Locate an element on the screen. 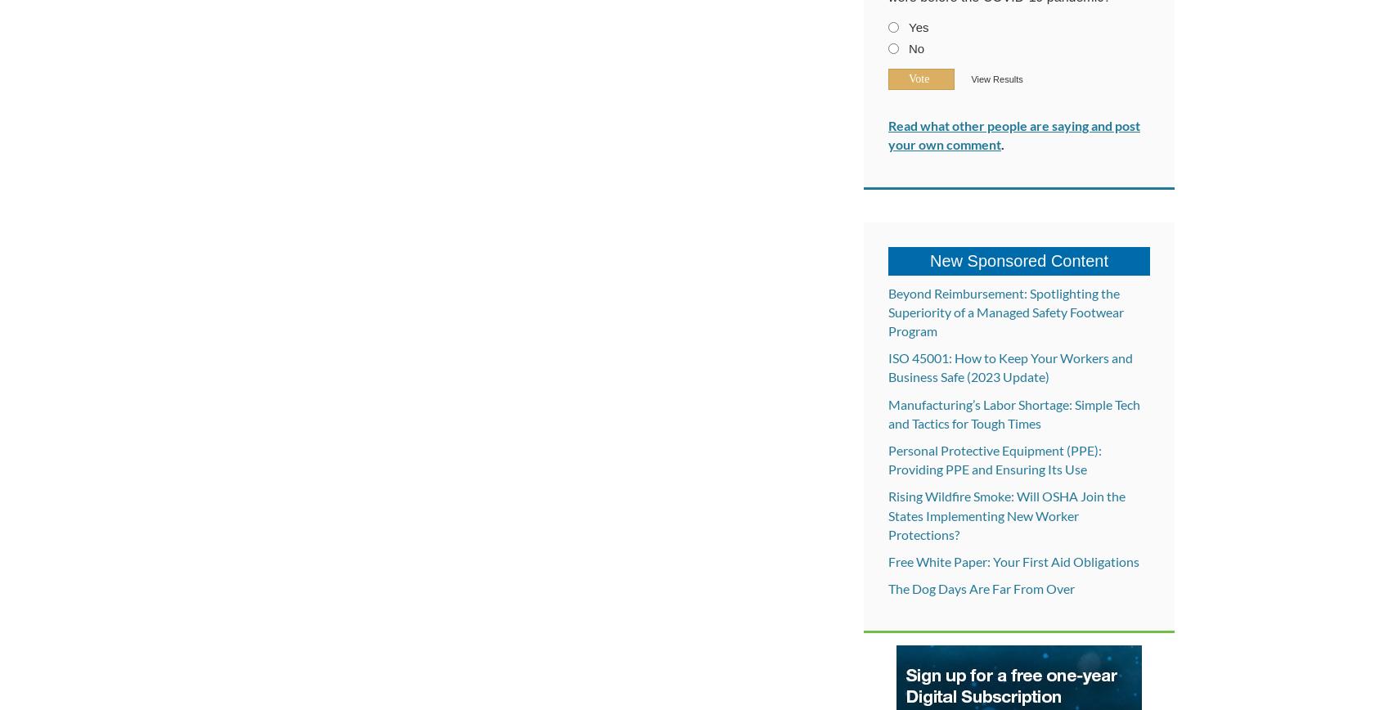  'Free White Paper: Your First Aid Obligations' is located at coordinates (1013, 560).